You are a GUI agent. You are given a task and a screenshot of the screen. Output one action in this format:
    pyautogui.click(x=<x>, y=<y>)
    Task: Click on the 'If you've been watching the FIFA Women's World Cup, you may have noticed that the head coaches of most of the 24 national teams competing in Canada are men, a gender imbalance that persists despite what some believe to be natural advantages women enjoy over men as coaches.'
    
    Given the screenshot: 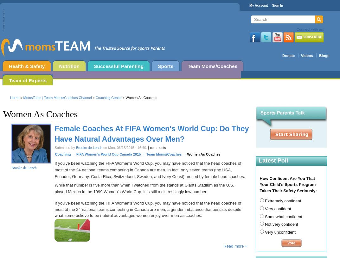 What is the action you would take?
    pyautogui.click(x=54, y=209)
    